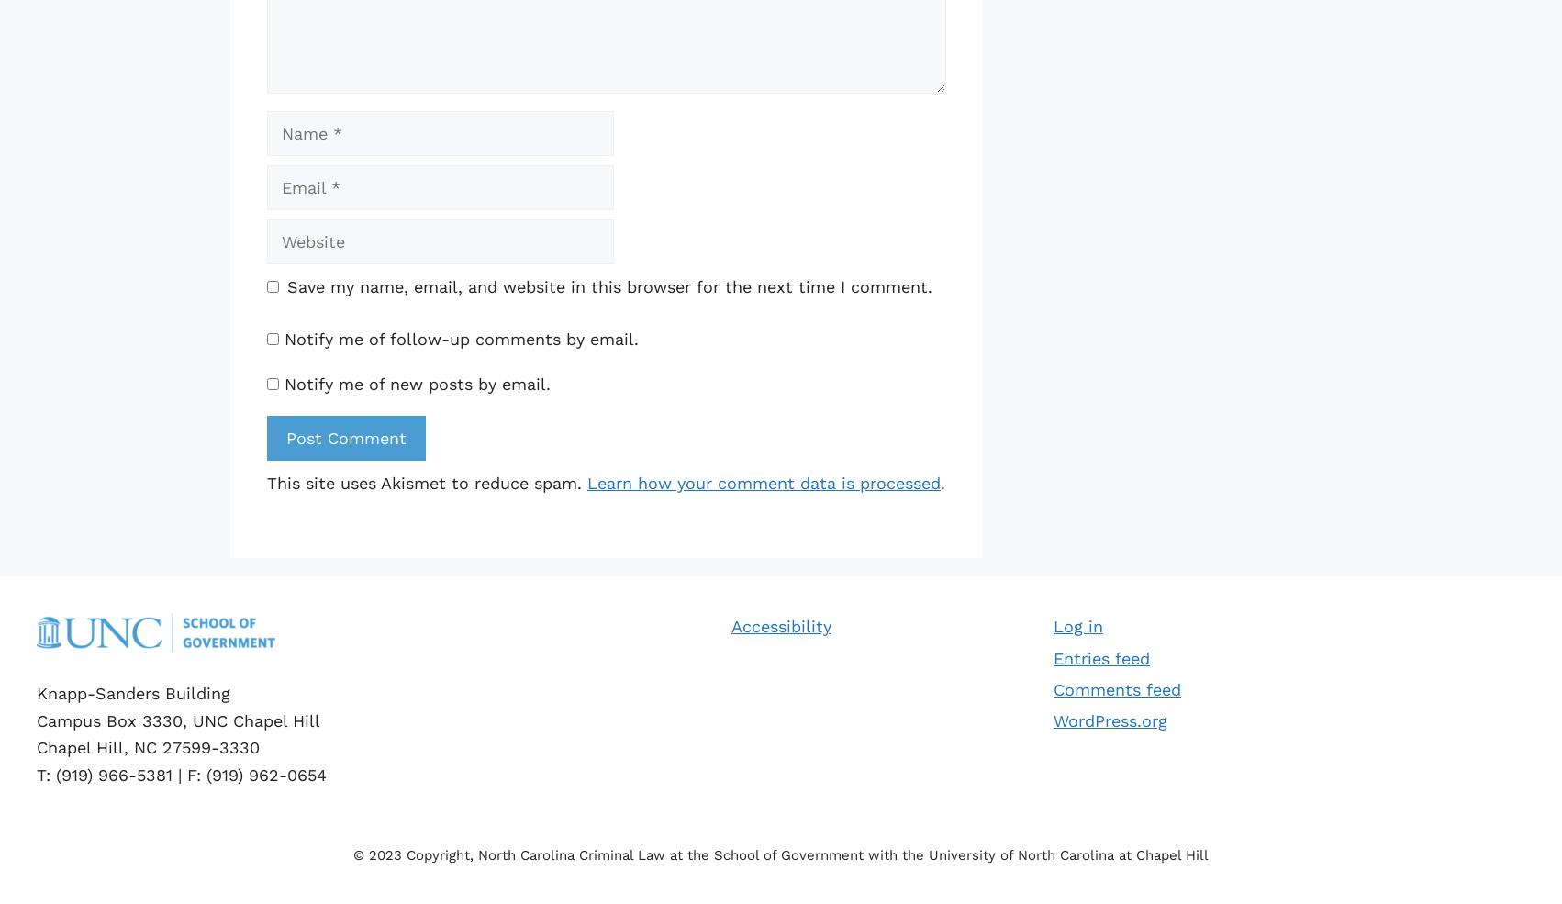  What do you see at coordinates (132, 692) in the screenshot?
I see `'Knapp-Sanders Building'` at bounding box center [132, 692].